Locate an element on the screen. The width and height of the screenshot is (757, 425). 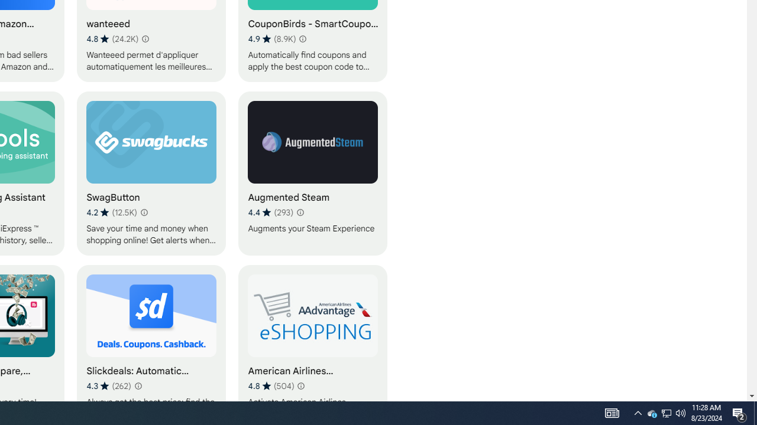
'Learn more about results and reviews "Augmented Steam"' is located at coordinates (299, 212).